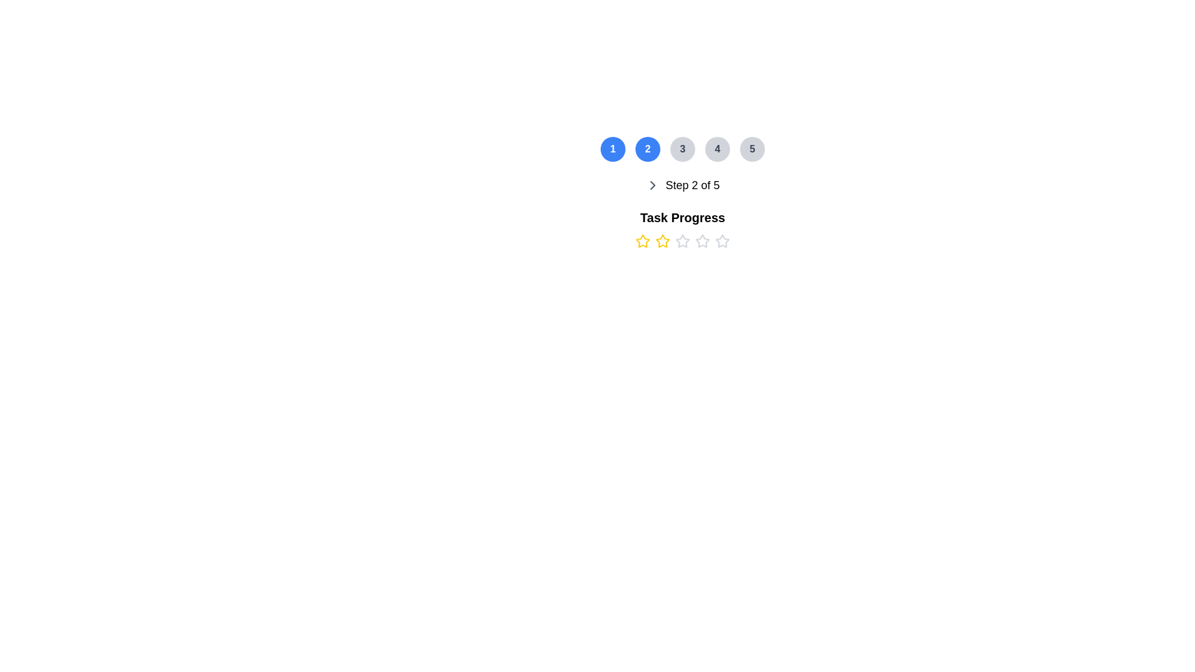  I want to click on the text label displaying 'Step 2 of 5', which is styled in bold and positioned adjacent to a chevron icon, so click(692, 185).